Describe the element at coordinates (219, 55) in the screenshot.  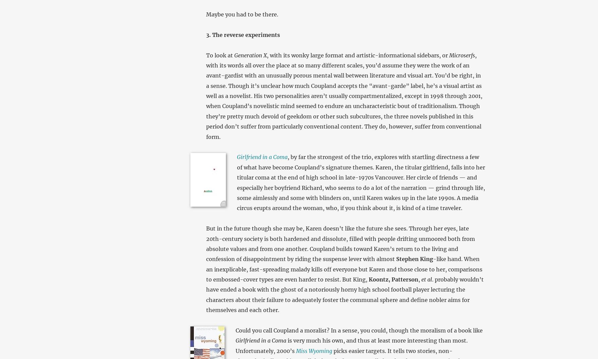
I see `'To look at'` at that location.